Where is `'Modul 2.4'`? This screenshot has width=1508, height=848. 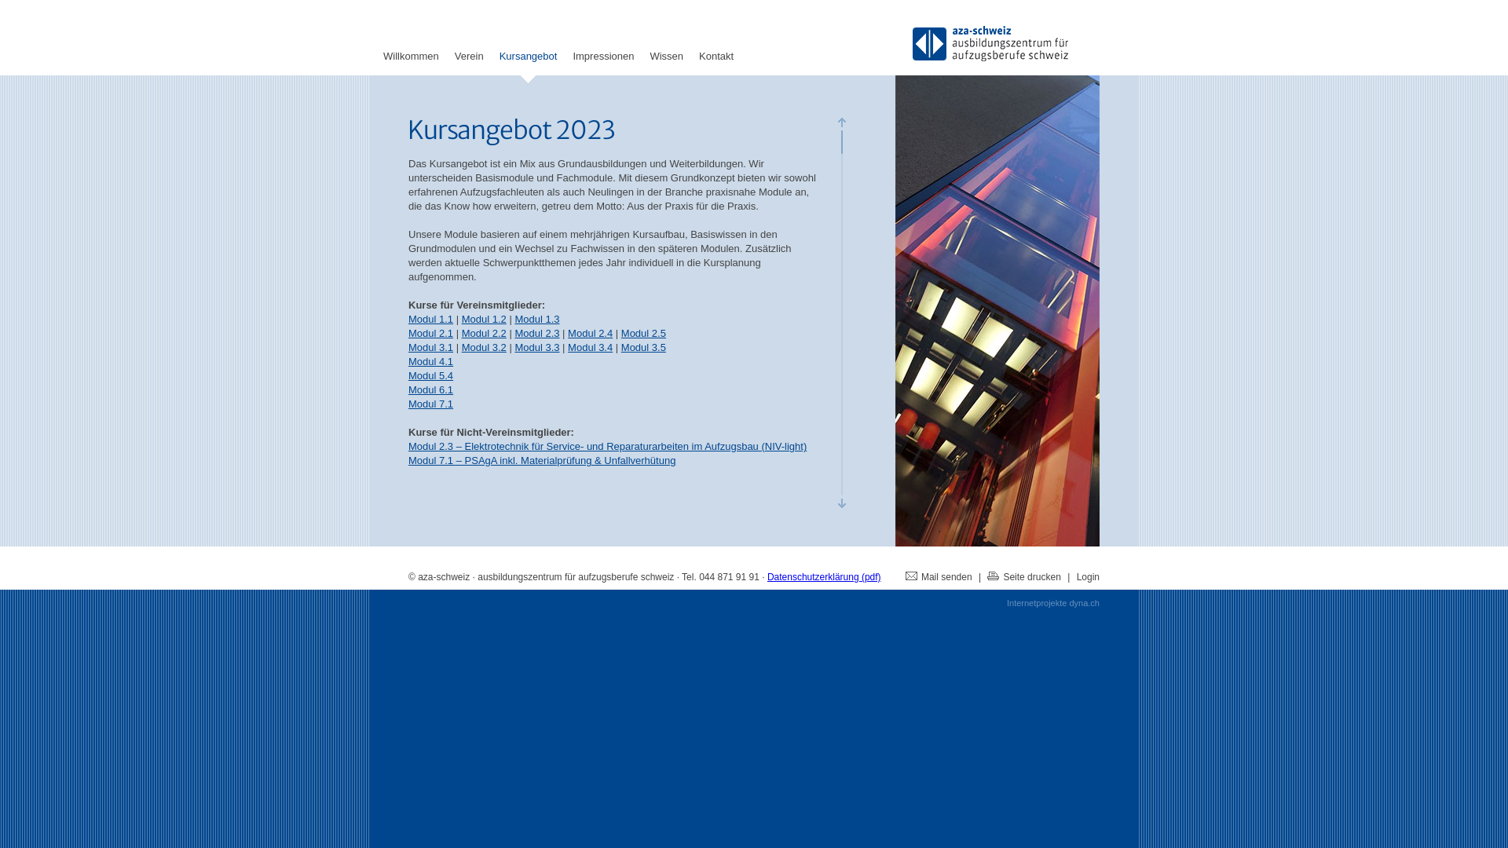 'Modul 2.4' is located at coordinates (589, 332).